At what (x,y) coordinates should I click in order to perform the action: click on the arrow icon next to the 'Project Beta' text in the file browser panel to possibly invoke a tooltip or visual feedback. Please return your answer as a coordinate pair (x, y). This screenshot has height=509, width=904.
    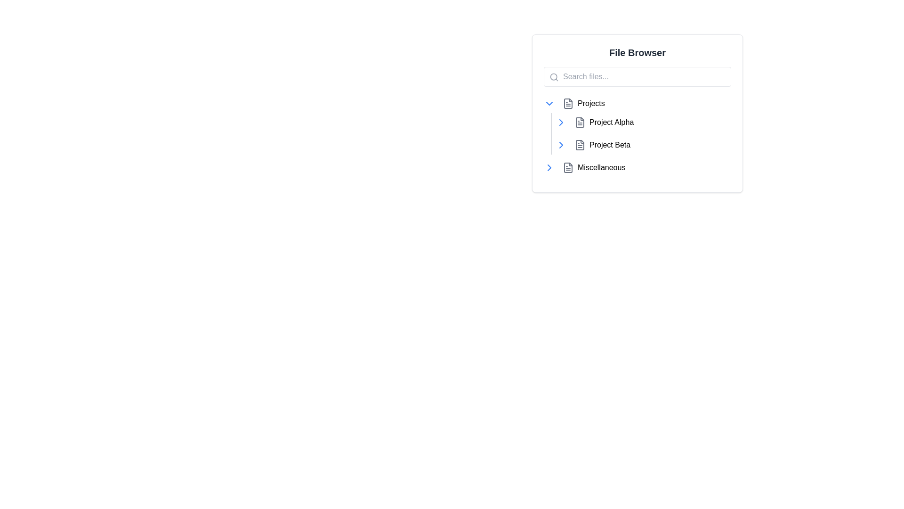
    Looking at the image, I should click on (549, 167).